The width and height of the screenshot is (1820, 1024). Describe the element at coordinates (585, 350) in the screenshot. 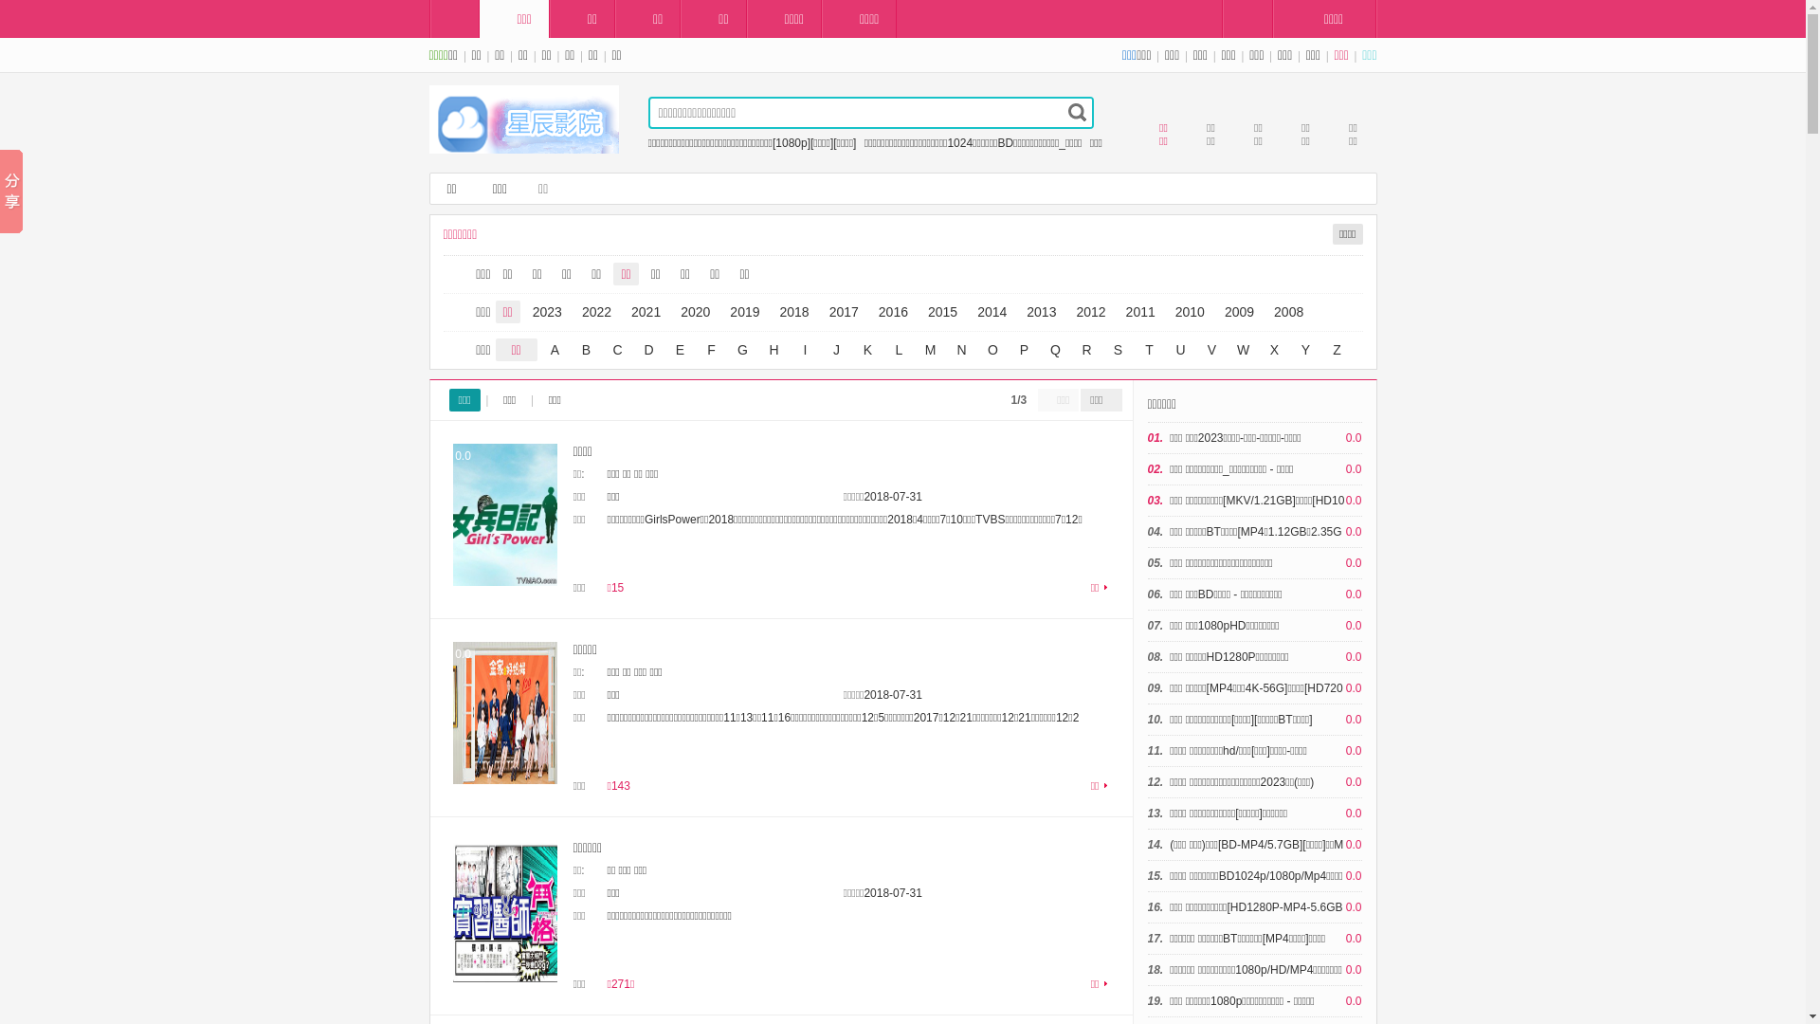

I see `'B'` at that location.